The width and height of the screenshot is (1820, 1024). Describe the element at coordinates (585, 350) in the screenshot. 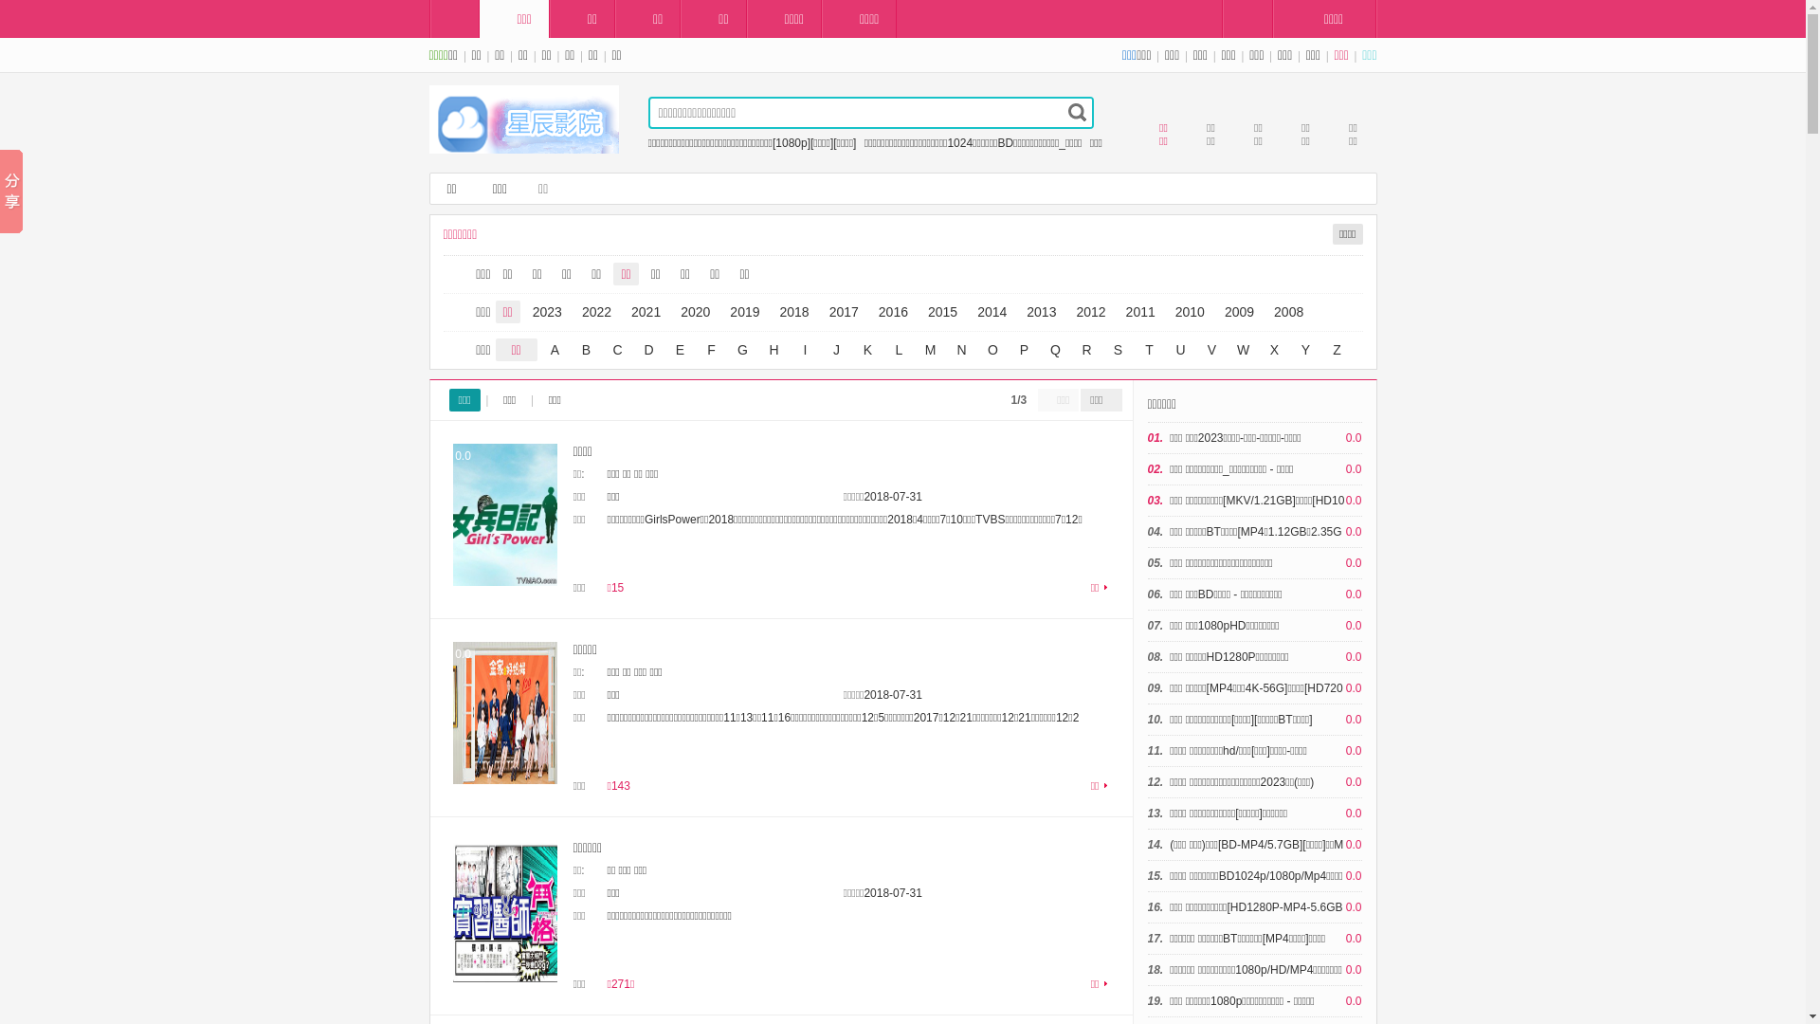

I see `'B'` at that location.